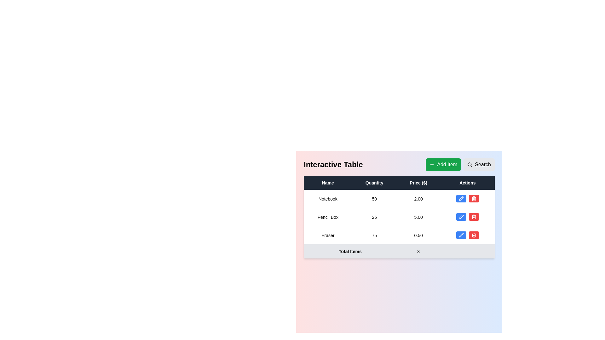  I want to click on the button with a blue background and white text, featuring a pencil icon, located in the 'Actions' column of the table under the 'Eraser' row to observe its hover effects, so click(461, 235).